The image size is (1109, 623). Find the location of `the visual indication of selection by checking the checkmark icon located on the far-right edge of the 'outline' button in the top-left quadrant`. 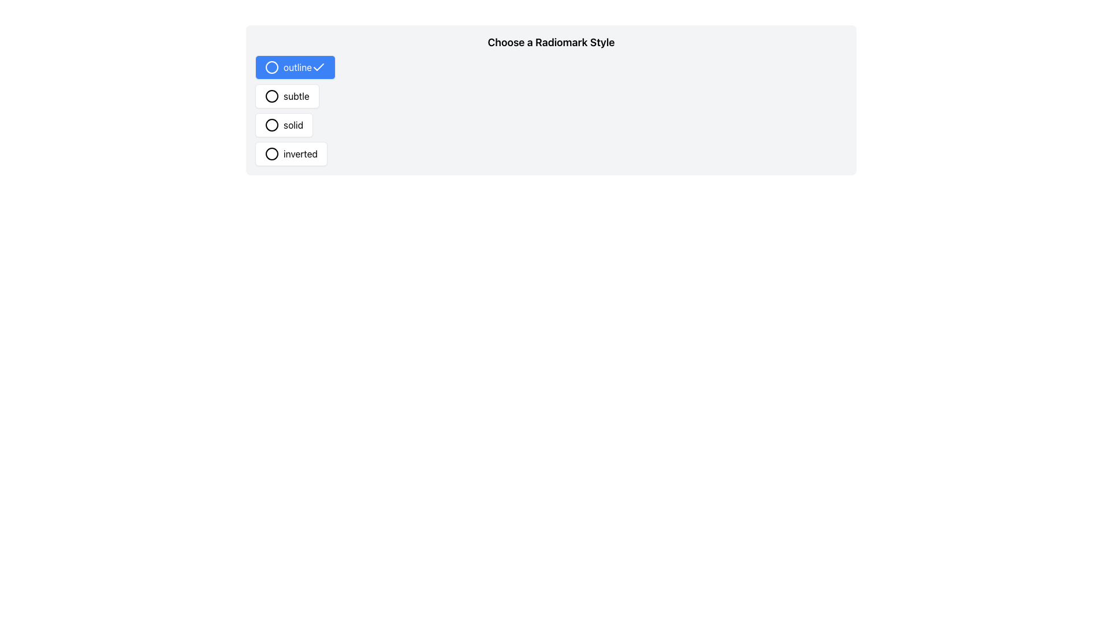

the visual indication of selection by checking the checkmark icon located on the far-right edge of the 'outline' button in the top-left quadrant is located at coordinates (318, 67).